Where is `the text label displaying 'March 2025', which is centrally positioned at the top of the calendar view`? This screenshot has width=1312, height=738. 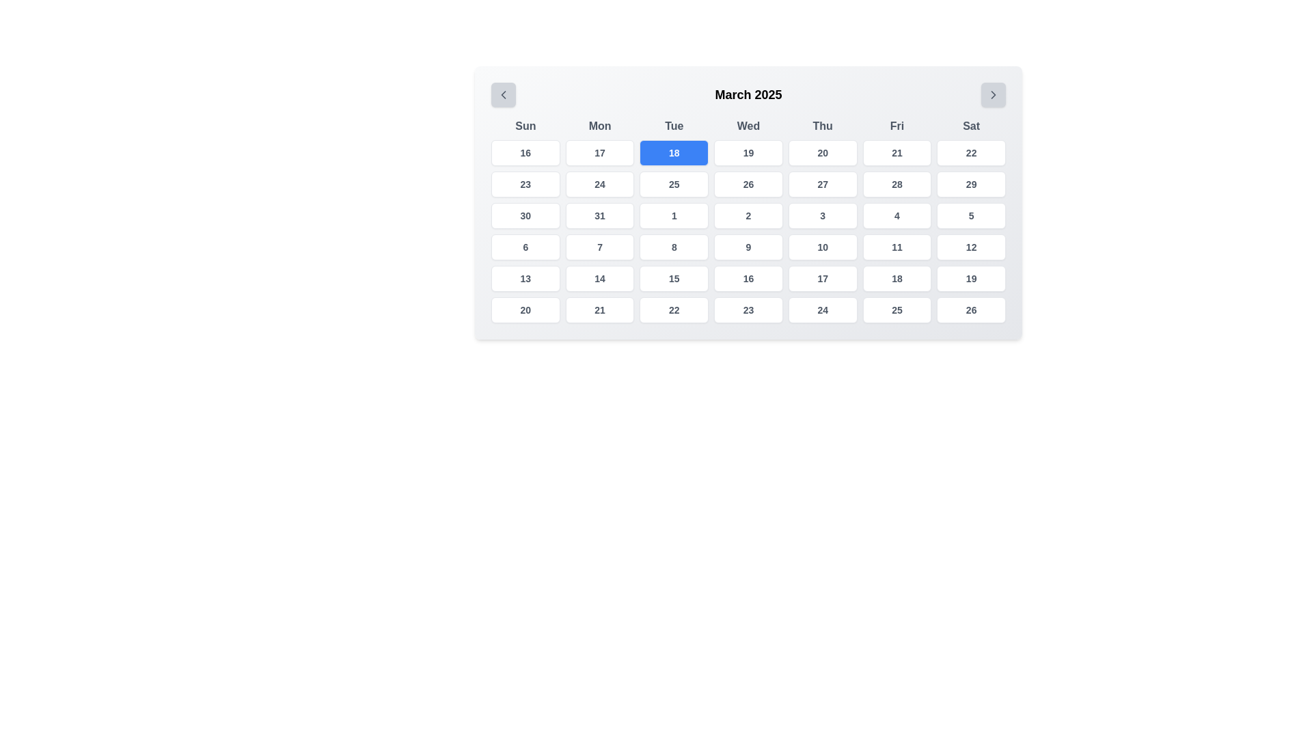
the text label displaying 'March 2025', which is centrally positioned at the top of the calendar view is located at coordinates (748, 94).